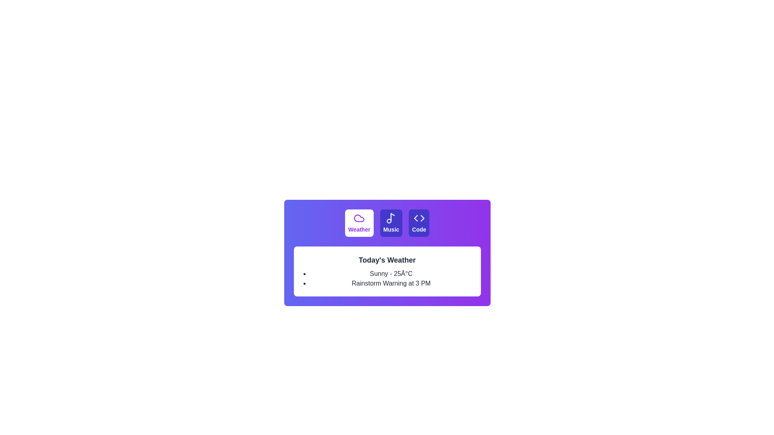 This screenshot has width=774, height=435. I want to click on the stylized musical note icon with a purple background, located between the 'Weather' and 'Code' buttons, so click(393, 217).